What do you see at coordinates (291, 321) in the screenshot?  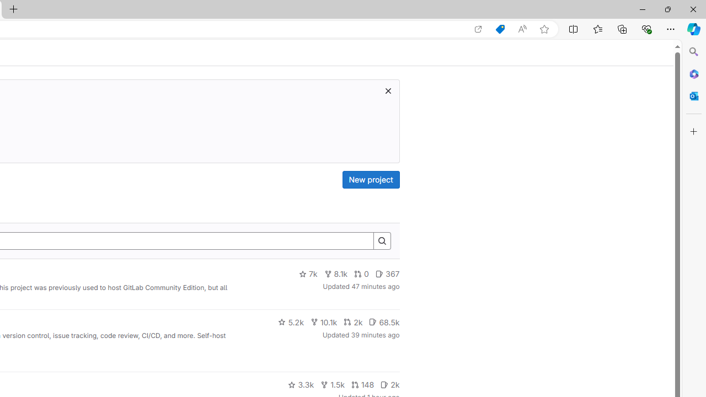 I see `'5.2k'` at bounding box center [291, 321].